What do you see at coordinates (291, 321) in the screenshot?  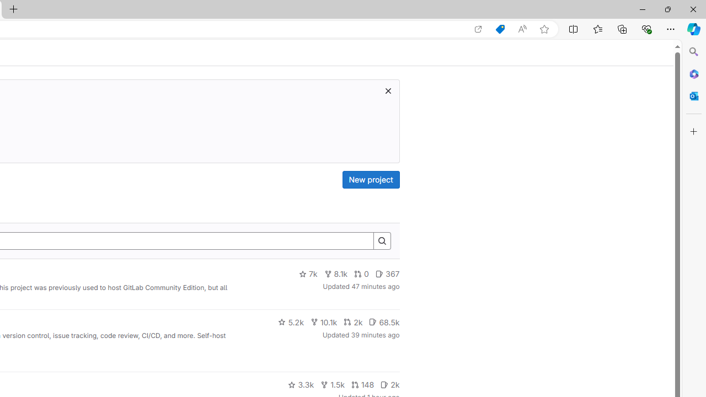 I see `'5.2k'` at bounding box center [291, 321].